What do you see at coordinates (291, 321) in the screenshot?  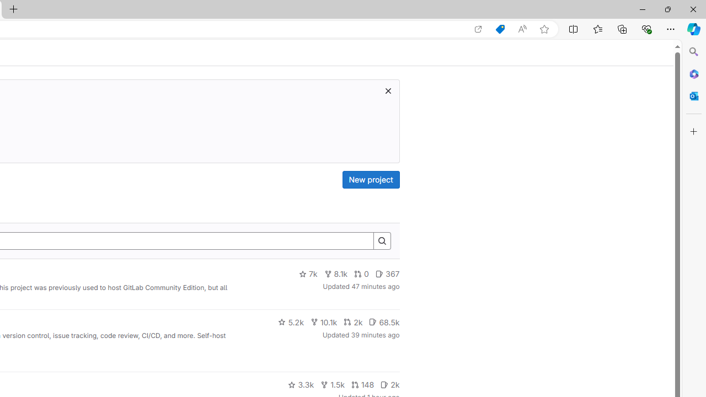 I see `'5.2k'` at bounding box center [291, 321].